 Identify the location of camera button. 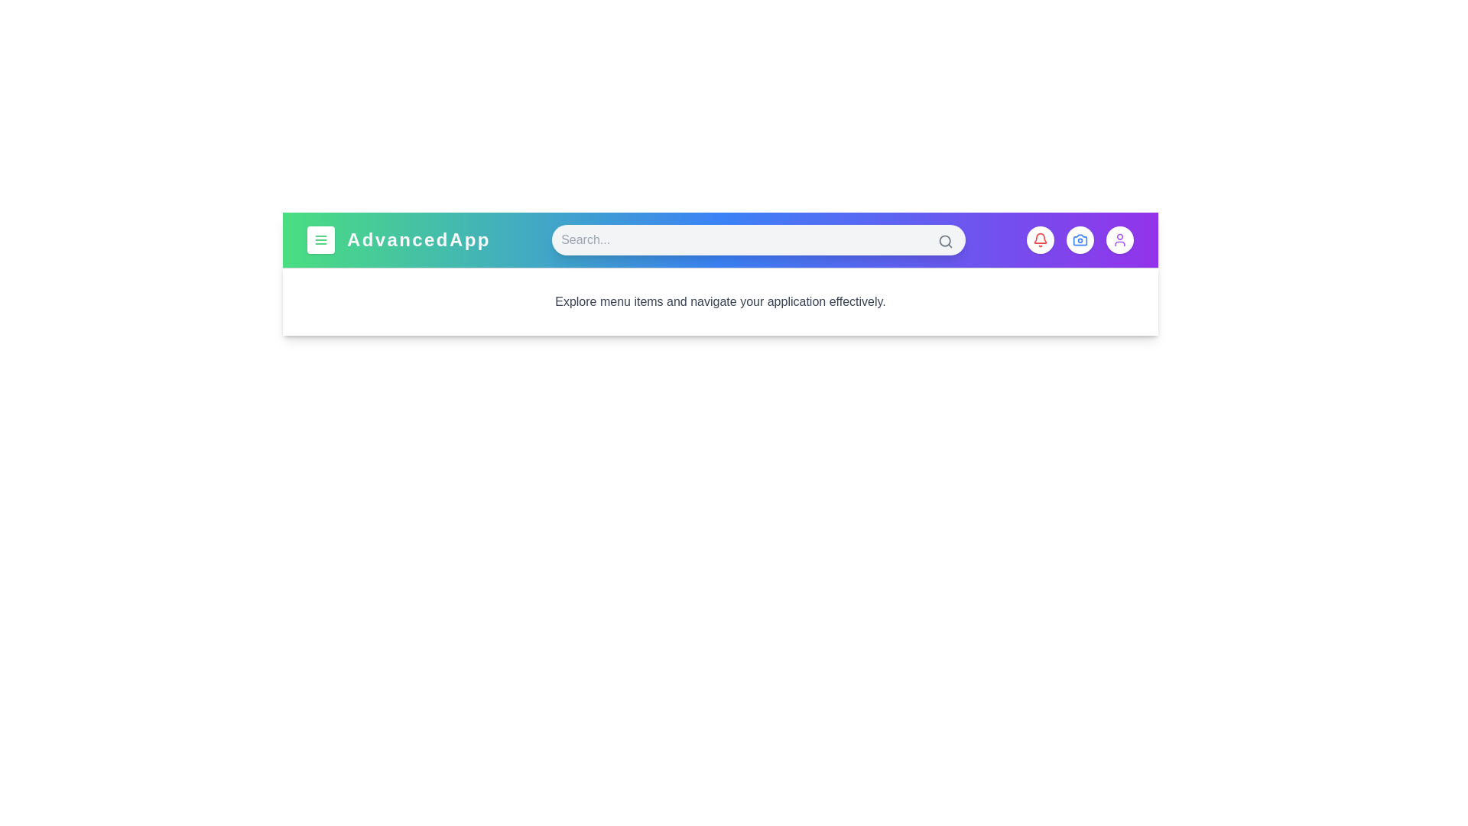
(1079, 239).